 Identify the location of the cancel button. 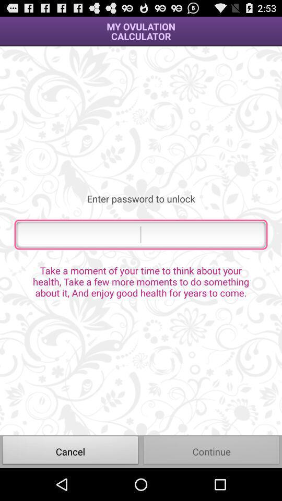
(70, 451).